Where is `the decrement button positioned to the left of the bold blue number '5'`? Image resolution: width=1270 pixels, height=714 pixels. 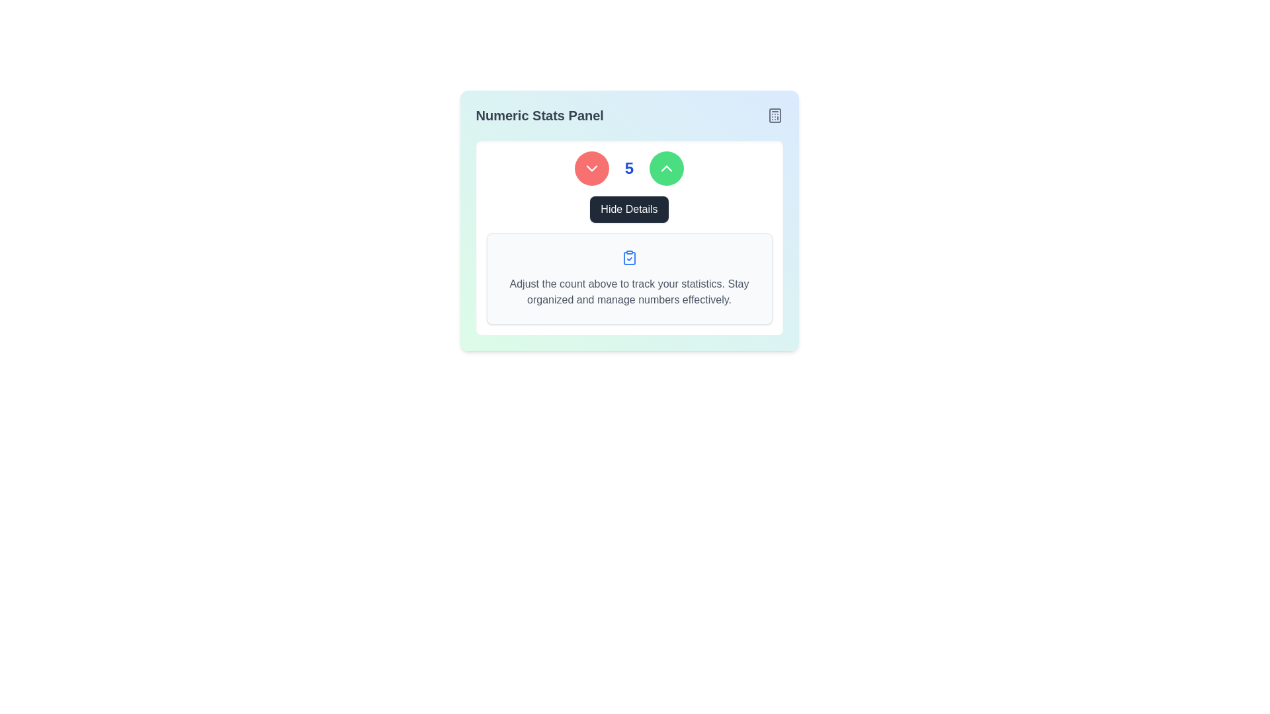 the decrement button positioned to the left of the bold blue number '5' is located at coordinates (591, 167).